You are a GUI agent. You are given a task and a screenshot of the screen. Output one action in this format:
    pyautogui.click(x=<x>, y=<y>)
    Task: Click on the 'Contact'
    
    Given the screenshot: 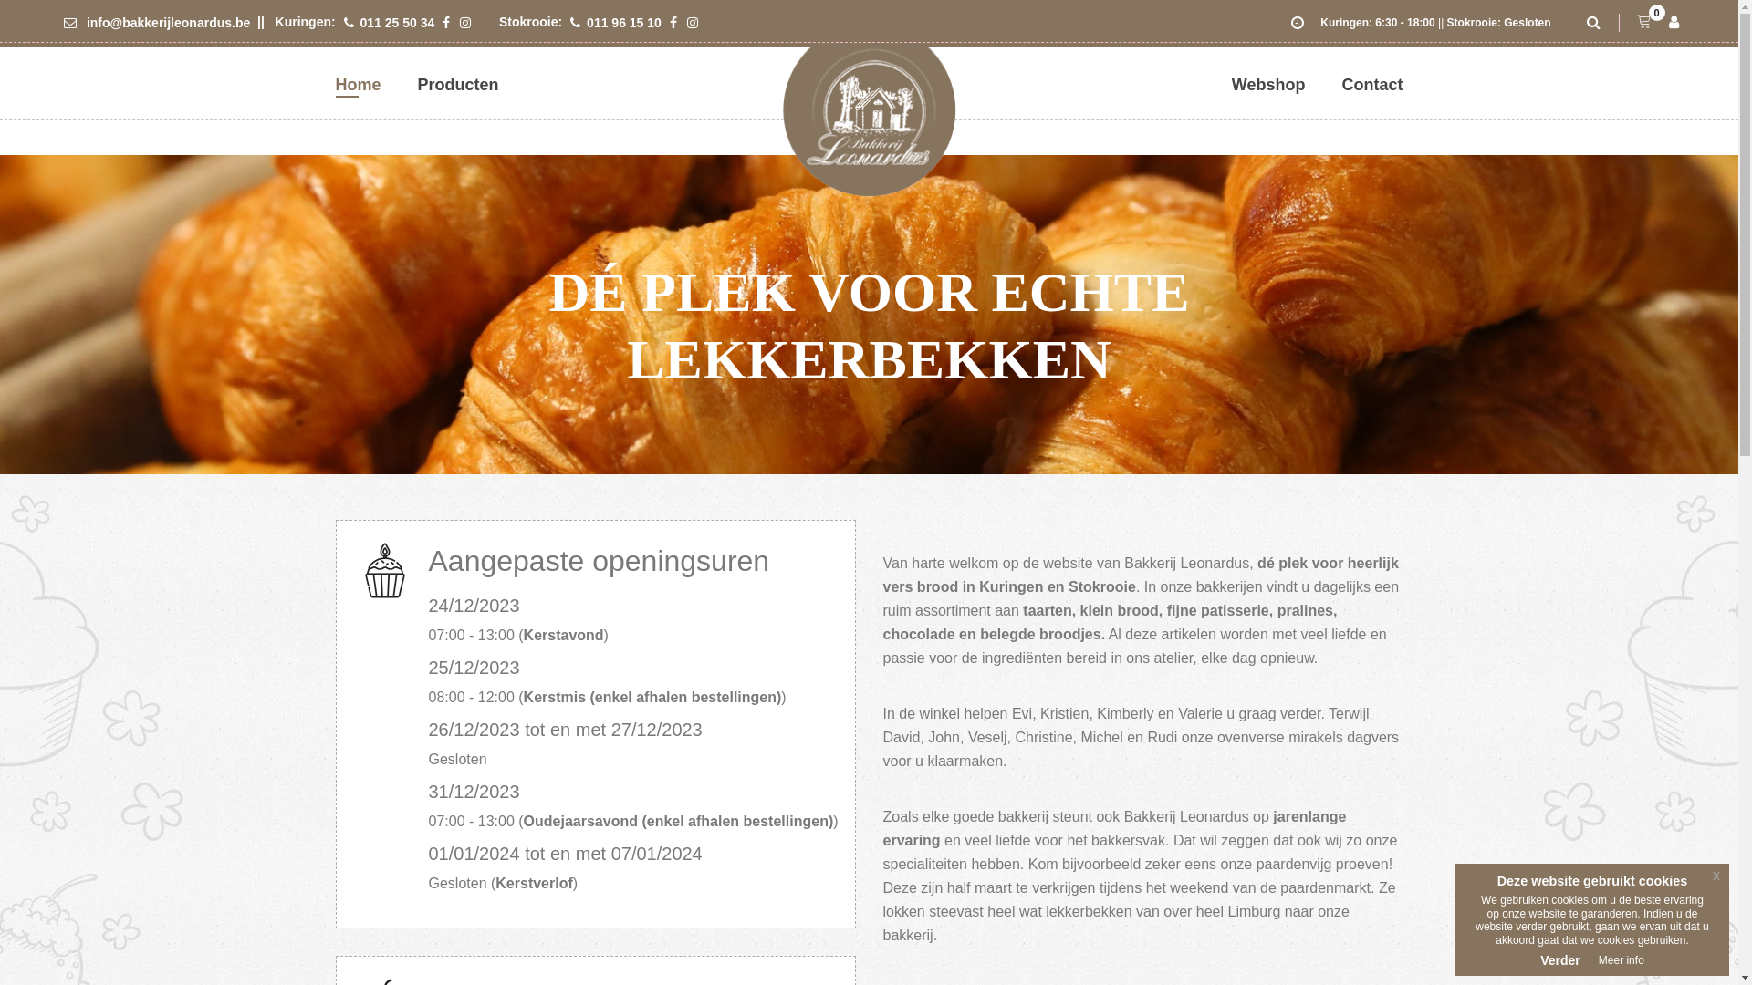 What is the action you would take?
    pyautogui.click(x=1371, y=84)
    